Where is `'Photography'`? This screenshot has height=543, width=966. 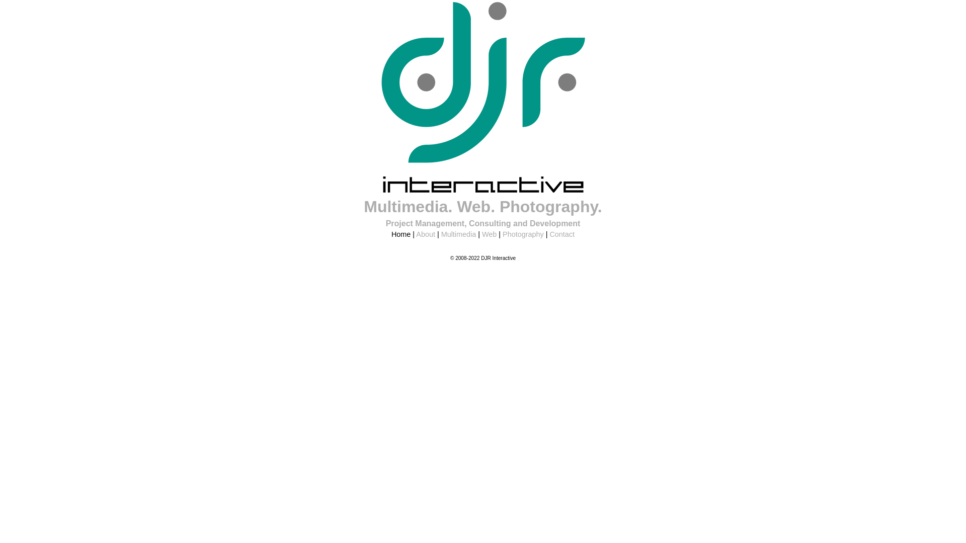
'Photography' is located at coordinates (523, 234).